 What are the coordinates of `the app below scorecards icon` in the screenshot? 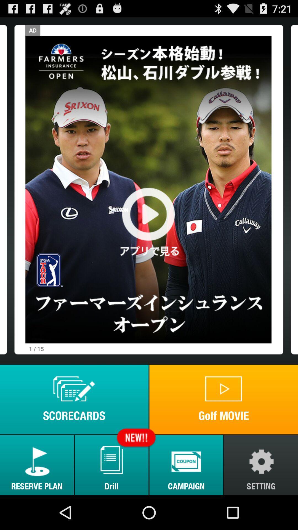 It's located at (37, 465).